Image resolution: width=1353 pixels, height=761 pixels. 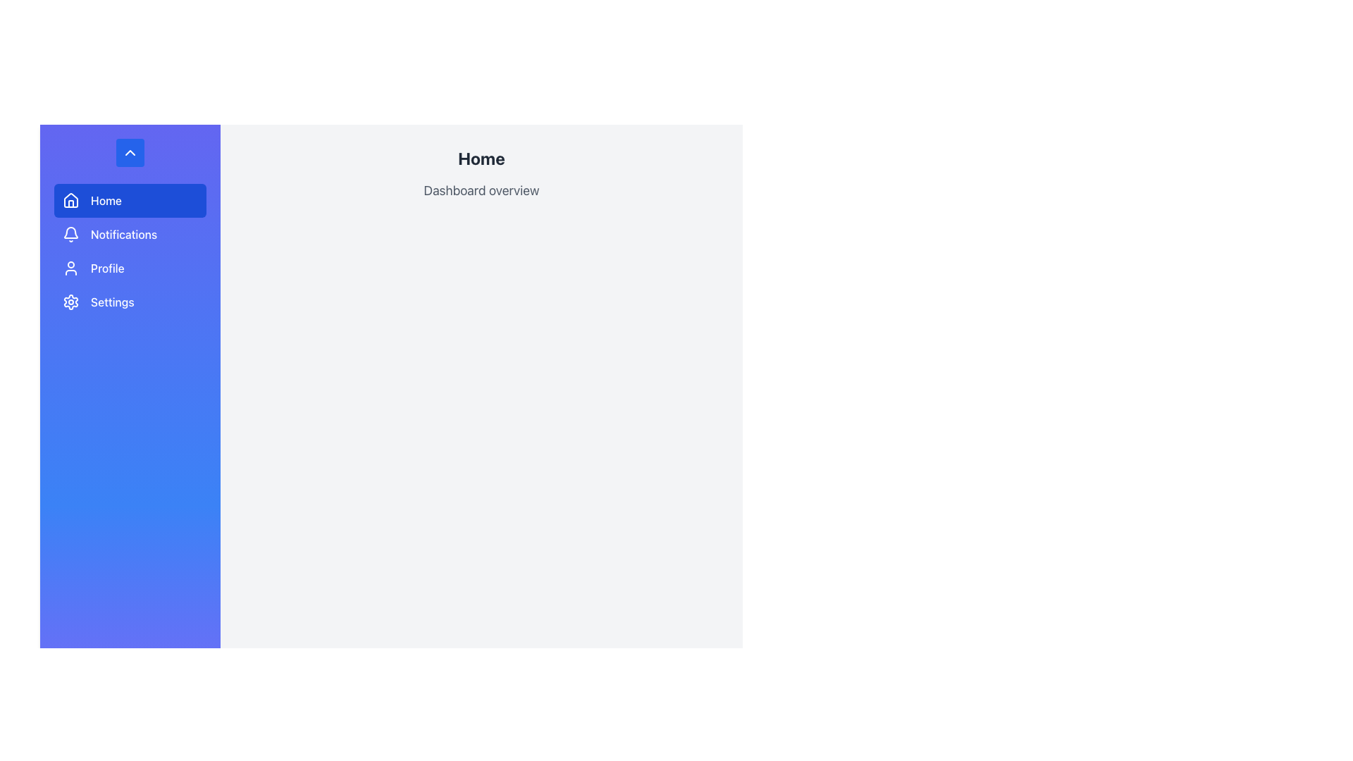 What do you see at coordinates (111, 301) in the screenshot?
I see `the 'Settings' label located on the left sidebar, positioned below the 'Profile' label` at bounding box center [111, 301].